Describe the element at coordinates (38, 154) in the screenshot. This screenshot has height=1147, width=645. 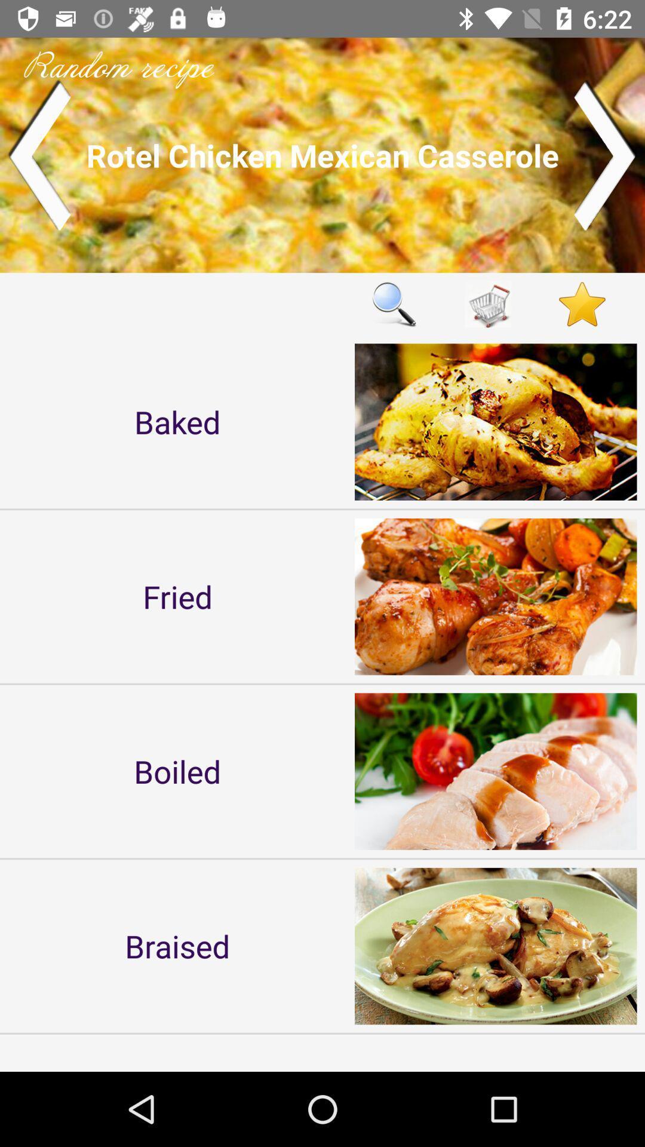
I see `previous` at that location.